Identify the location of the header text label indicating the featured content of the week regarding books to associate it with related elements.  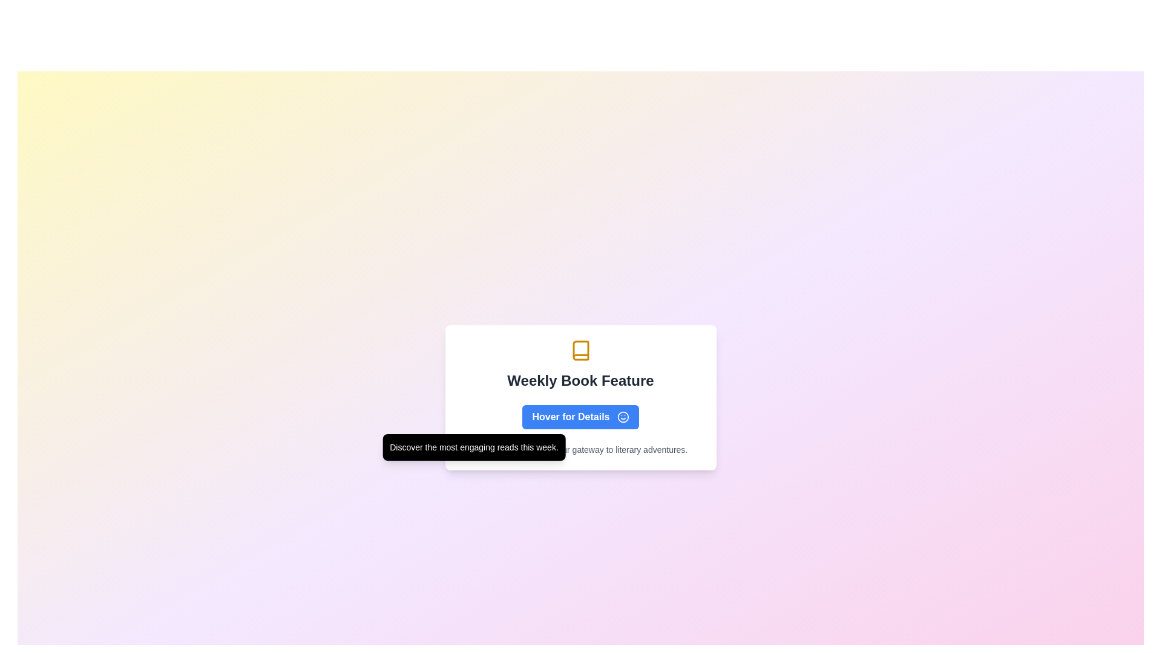
(580, 380).